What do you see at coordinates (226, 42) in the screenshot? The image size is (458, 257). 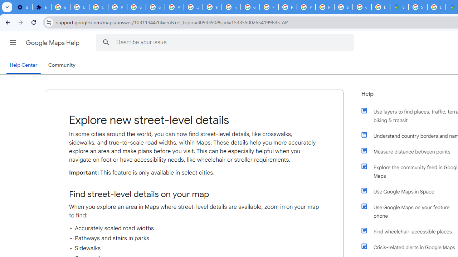 I see `'Describe your issue'` at bounding box center [226, 42].